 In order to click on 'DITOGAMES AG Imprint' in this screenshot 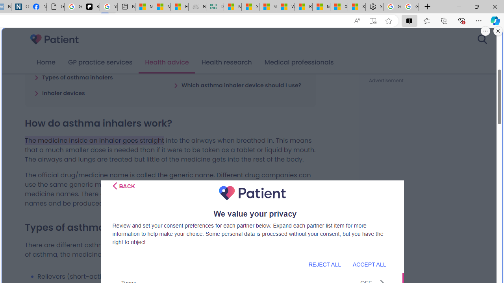, I will do `click(215, 7)`.